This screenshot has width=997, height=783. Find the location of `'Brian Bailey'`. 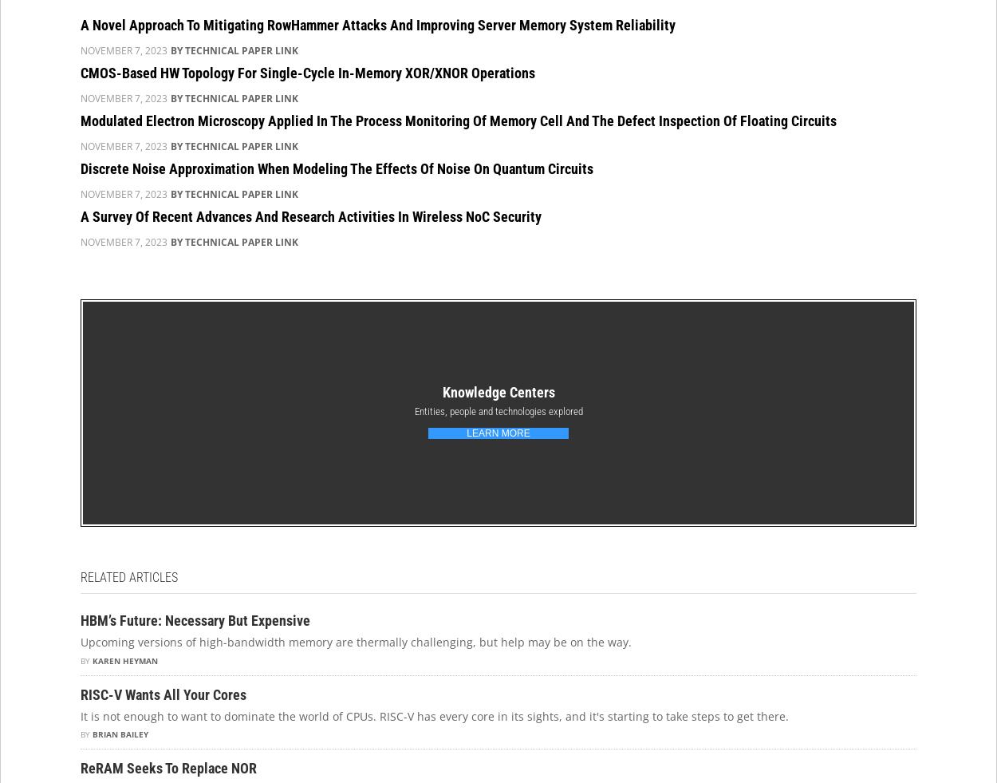

'Brian Bailey' is located at coordinates (120, 734).